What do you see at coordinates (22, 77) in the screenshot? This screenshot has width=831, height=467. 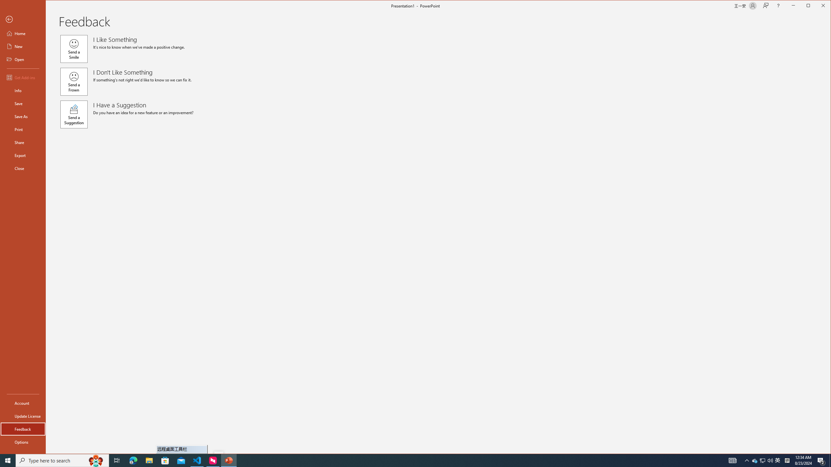 I see `'Get Add-ins'` at bounding box center [22, 77].